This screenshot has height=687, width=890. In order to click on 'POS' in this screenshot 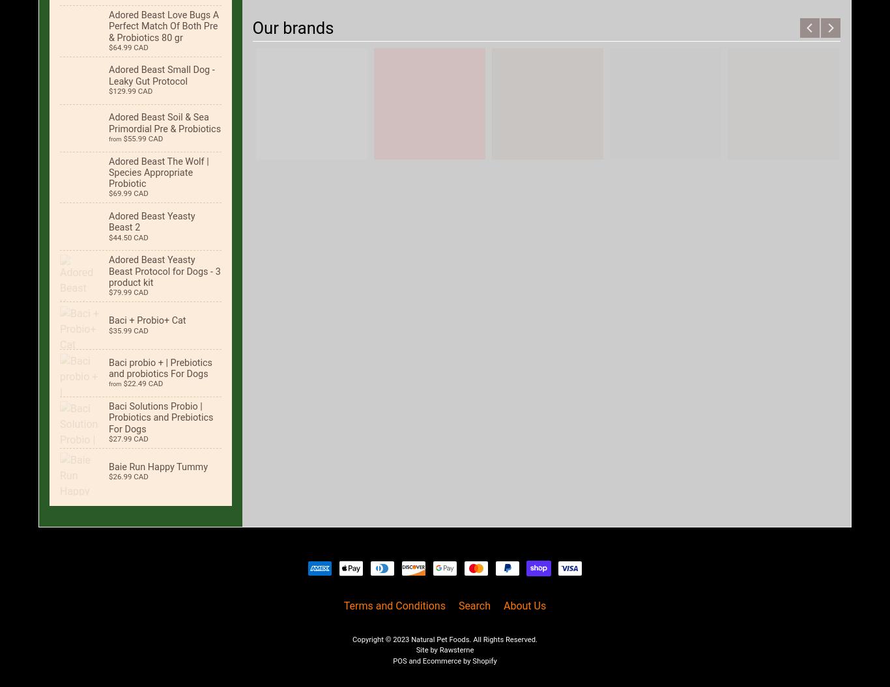, I will do `click(399, 660)`.